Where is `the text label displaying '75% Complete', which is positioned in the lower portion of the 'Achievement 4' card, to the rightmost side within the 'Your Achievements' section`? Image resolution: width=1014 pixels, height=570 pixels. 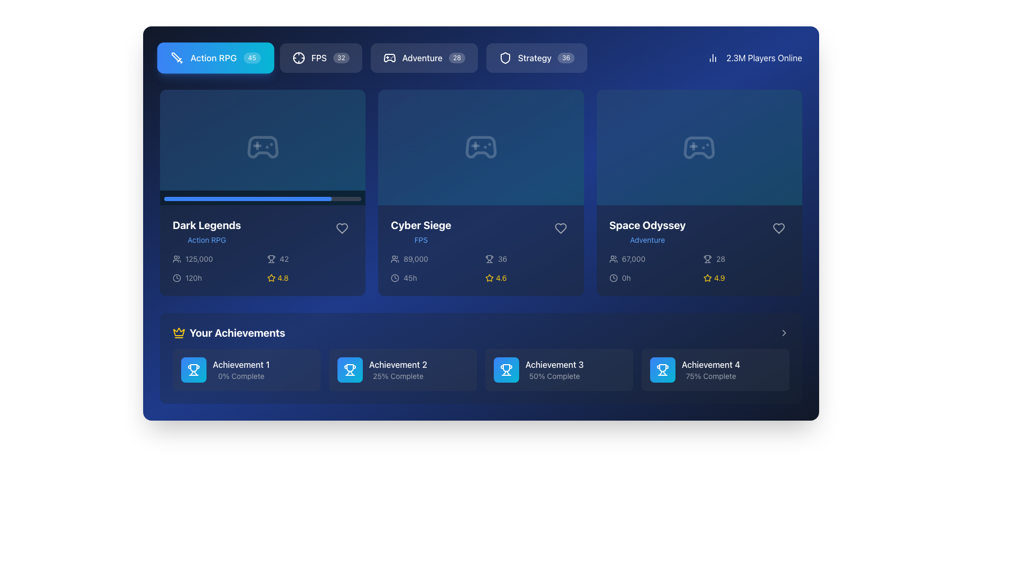
the text label displaying '75% Complete', which is positioned in the lower portion of the 'Achievement 4' card, to the rightmost side within the 'Your Achievements' section is located at coordinates (711, 376).